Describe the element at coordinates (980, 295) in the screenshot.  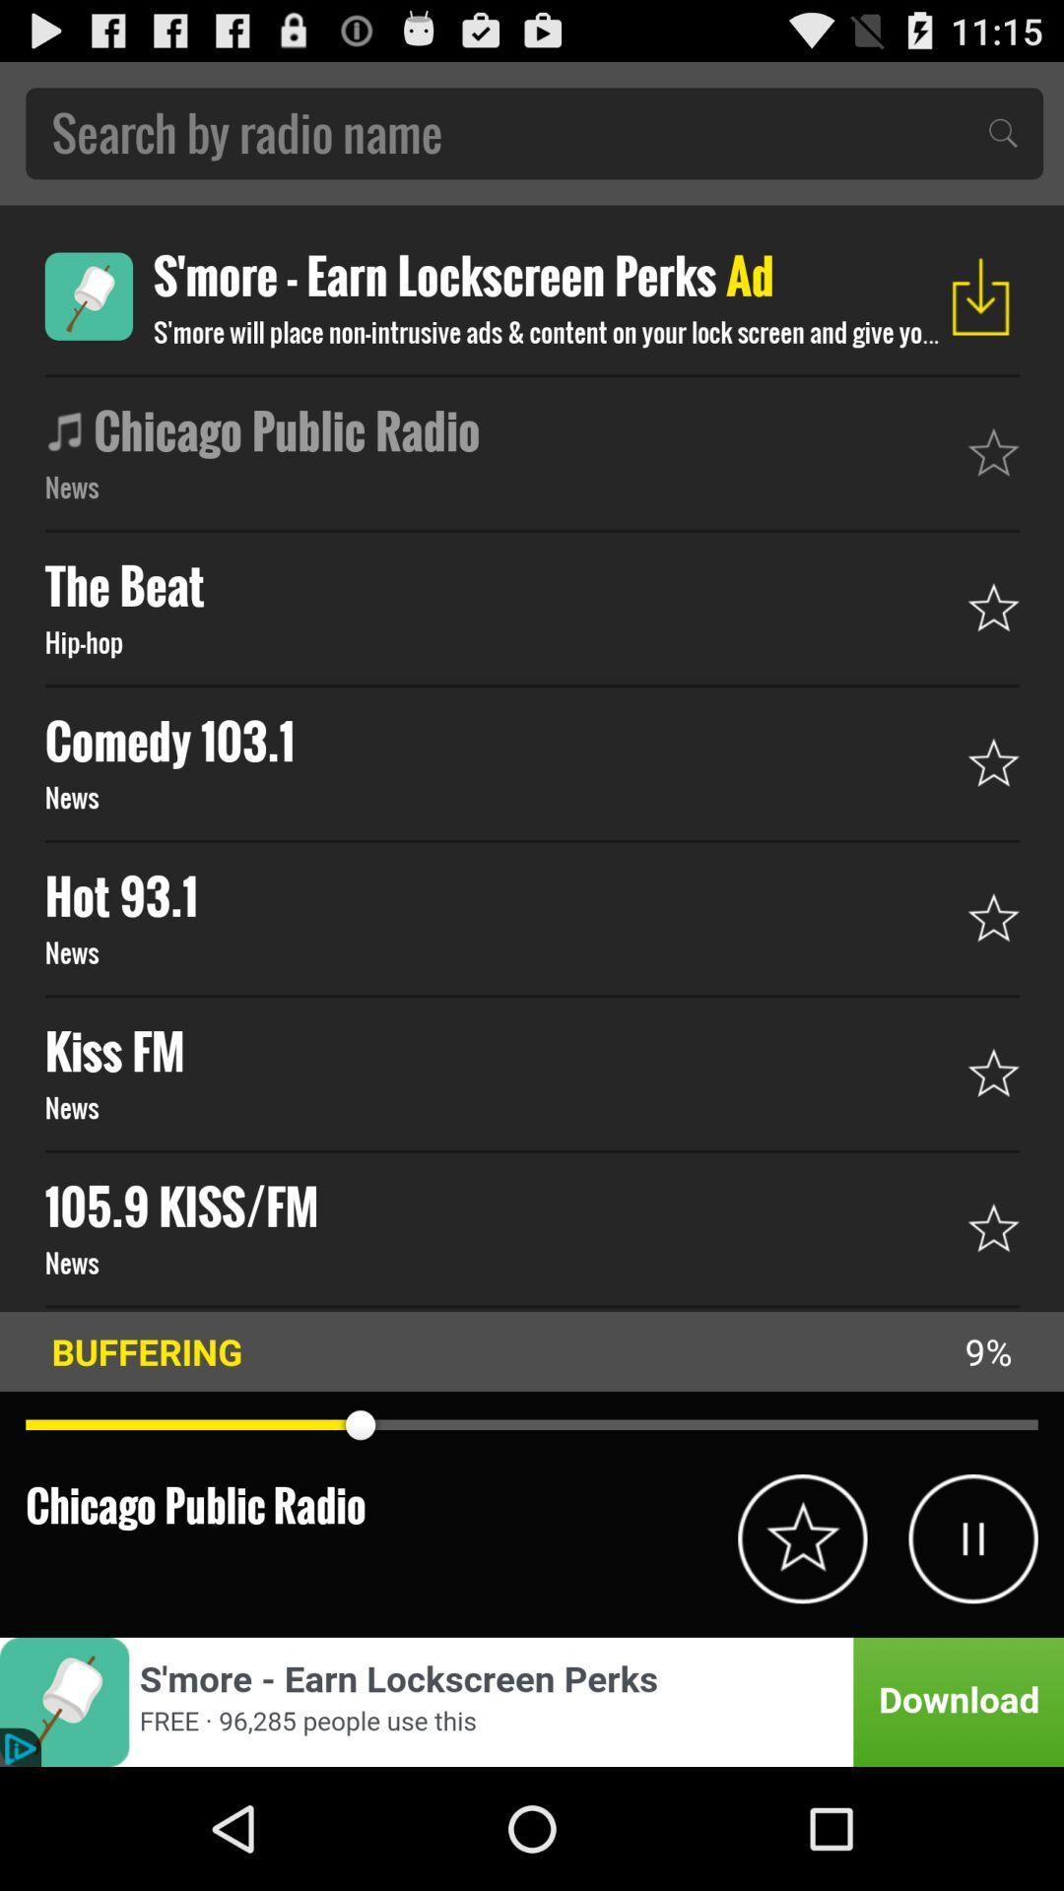
I see `download the advertisement` at that location.